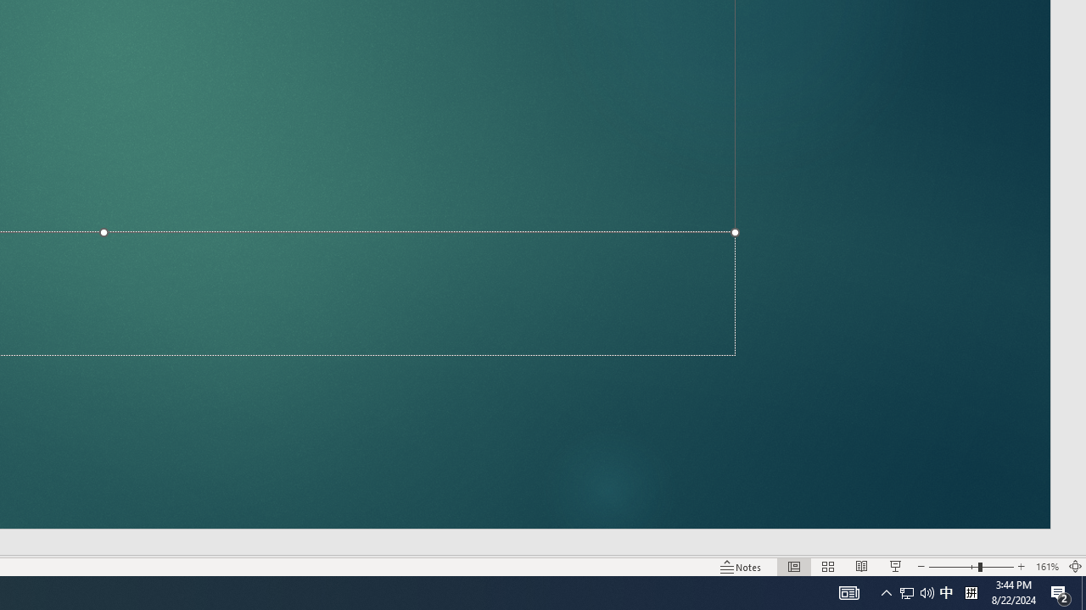 Image resolution: width=1086 pixels, height=610 pixels. Describe the element at coordinates (1046, 567) in the screenshot. I see `'Zoom 161%'` at that location.